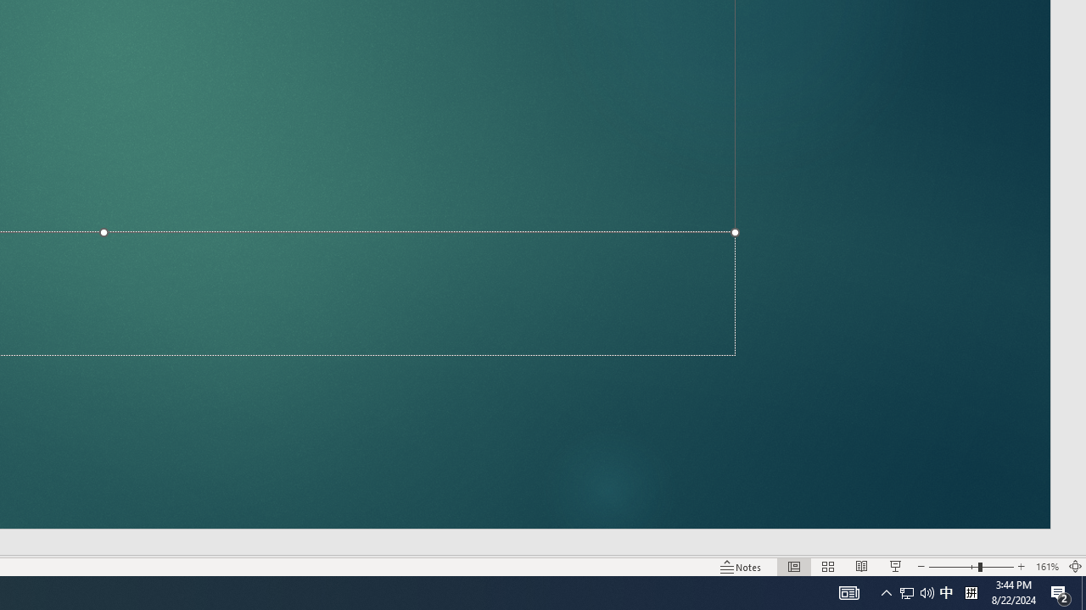 Image resolution: width=1086 pixels, height=610 pixels. Describe the element at coordinates (1046, 567) in the screenshot. I see `'Zoom 161%'` at that location.